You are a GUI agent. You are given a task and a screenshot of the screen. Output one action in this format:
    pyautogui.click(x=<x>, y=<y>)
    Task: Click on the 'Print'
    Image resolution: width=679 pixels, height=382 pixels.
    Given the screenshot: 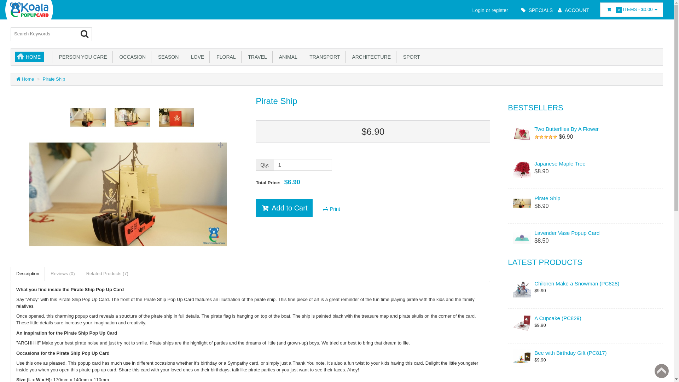 What is the action you would take?
    pyautogui.click(x=331, y=208)
    